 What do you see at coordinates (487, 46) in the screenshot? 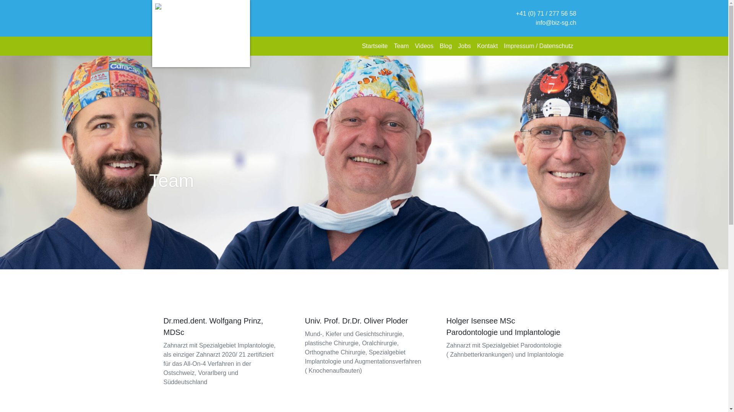
I see `'Kontakt'` at bounding box center [487, 46].